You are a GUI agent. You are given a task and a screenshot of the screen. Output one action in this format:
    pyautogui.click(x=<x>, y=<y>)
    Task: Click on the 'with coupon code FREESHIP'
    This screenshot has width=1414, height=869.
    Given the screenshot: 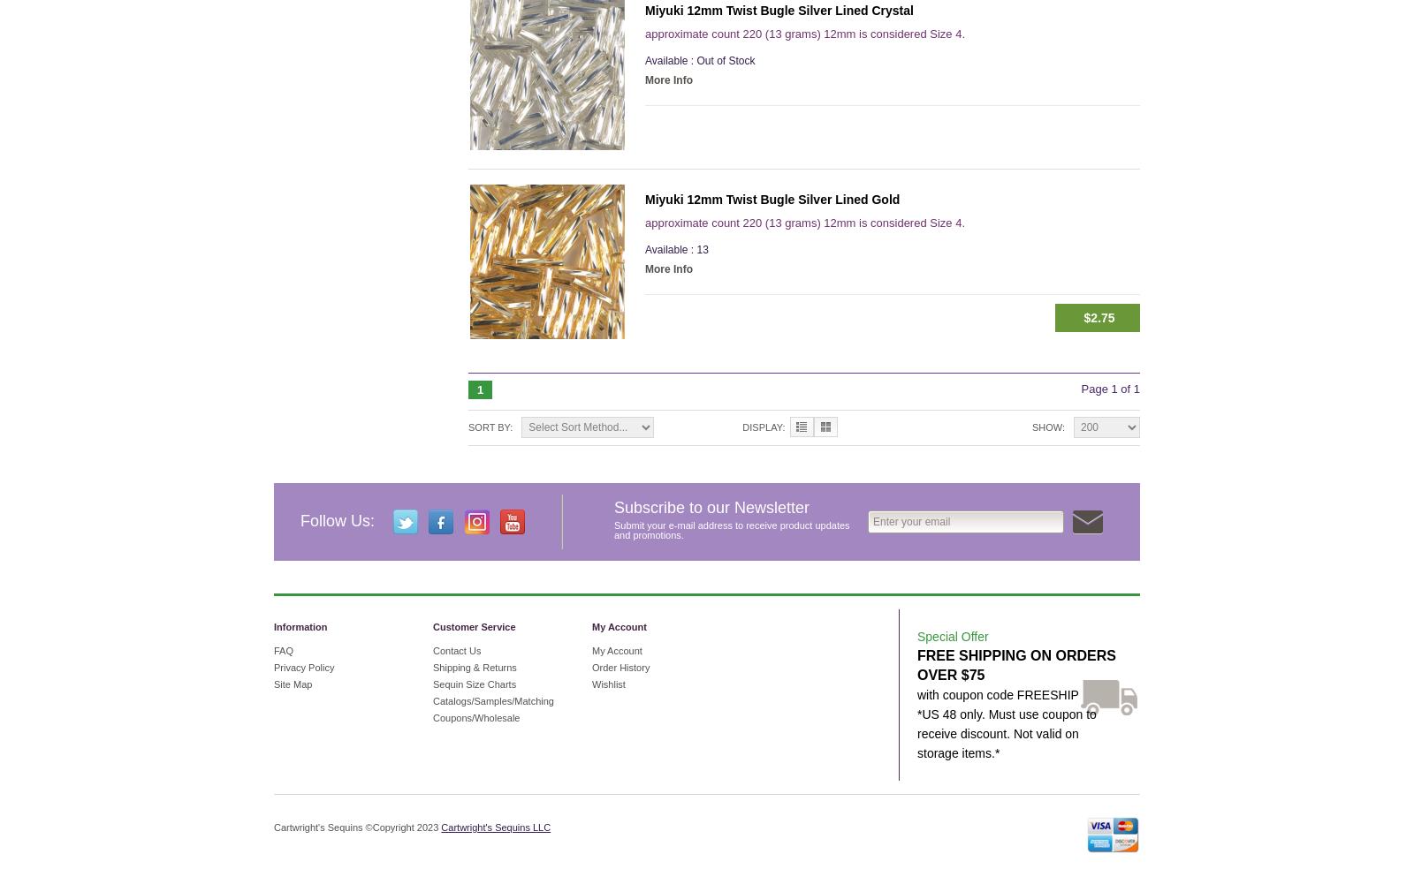 What is the action you would take?
    pyautogui.click(x=997, y=694)
    